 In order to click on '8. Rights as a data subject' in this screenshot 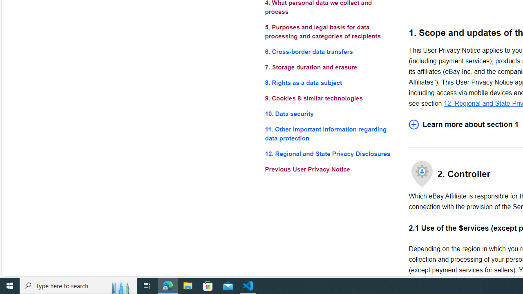, I will do `click(330, 83)`.